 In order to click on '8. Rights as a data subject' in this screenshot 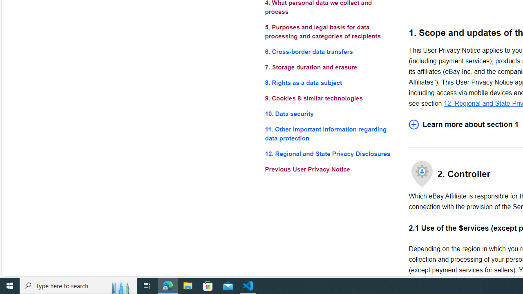, I will do `click(330, 83)`.